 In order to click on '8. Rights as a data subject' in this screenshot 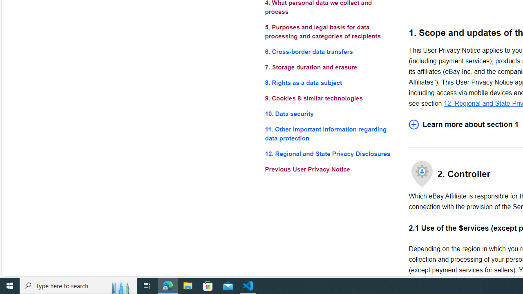, I will do `click(330, 83)`.